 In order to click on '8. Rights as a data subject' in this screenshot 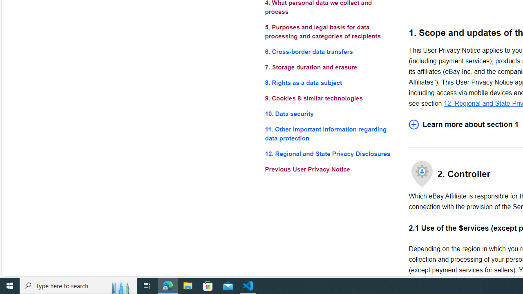, I will do `click(330, 83)`.